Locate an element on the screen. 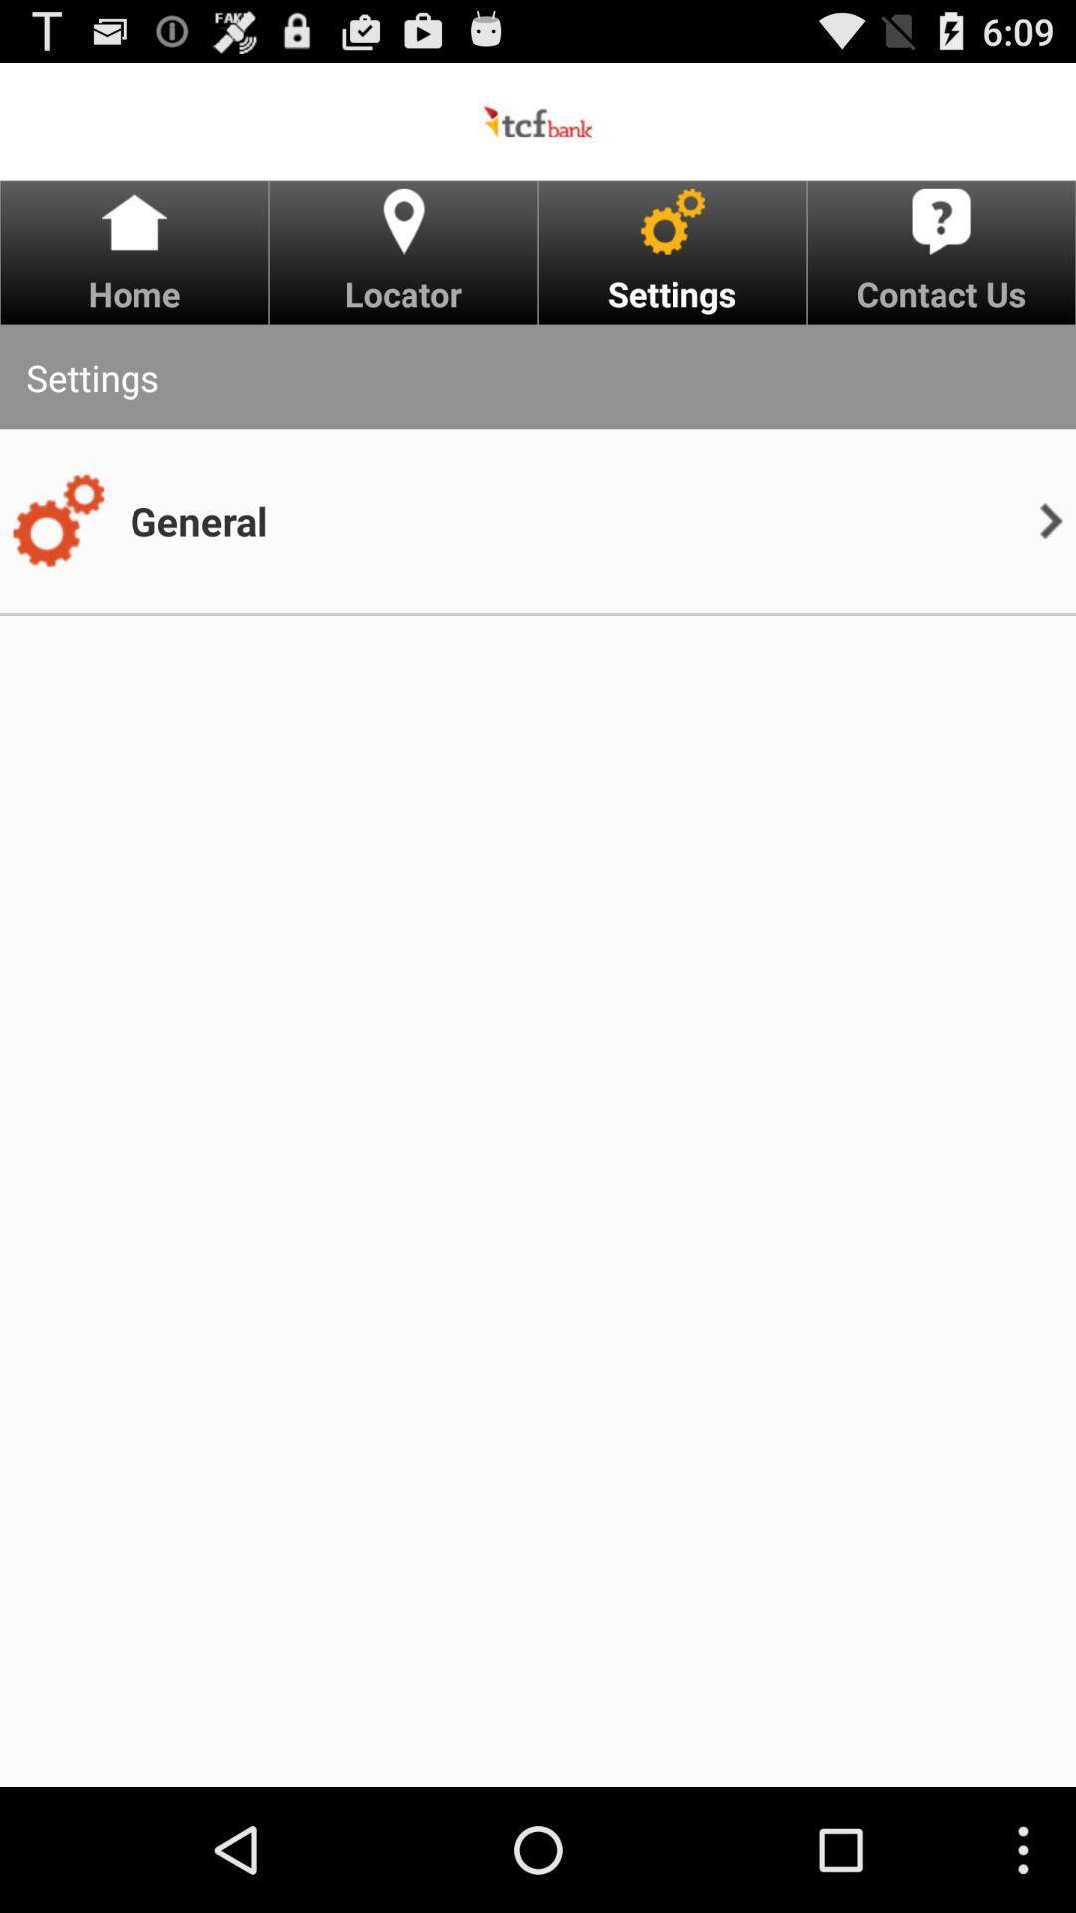 This screenshot has height=1913, width=1076. the item next to general icon is located at coordinates (57, 521).